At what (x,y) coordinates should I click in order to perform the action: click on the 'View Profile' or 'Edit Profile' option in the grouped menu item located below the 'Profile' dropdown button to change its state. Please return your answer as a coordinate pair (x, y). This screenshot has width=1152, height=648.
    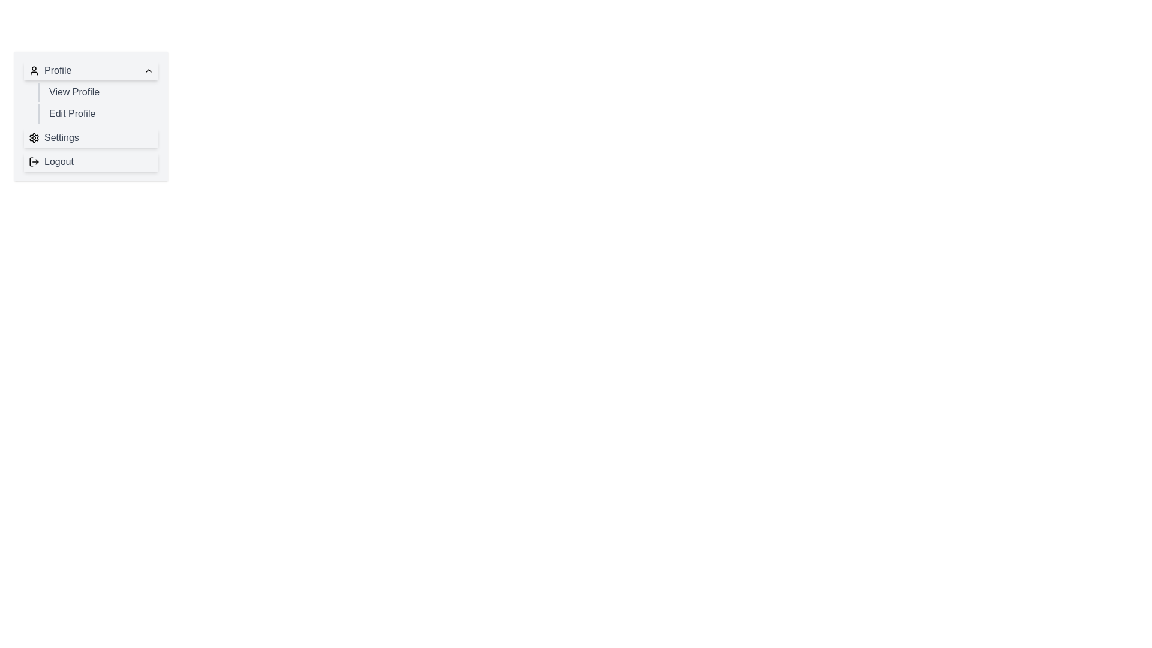
    Looking at the image, I should click on (91, 103).